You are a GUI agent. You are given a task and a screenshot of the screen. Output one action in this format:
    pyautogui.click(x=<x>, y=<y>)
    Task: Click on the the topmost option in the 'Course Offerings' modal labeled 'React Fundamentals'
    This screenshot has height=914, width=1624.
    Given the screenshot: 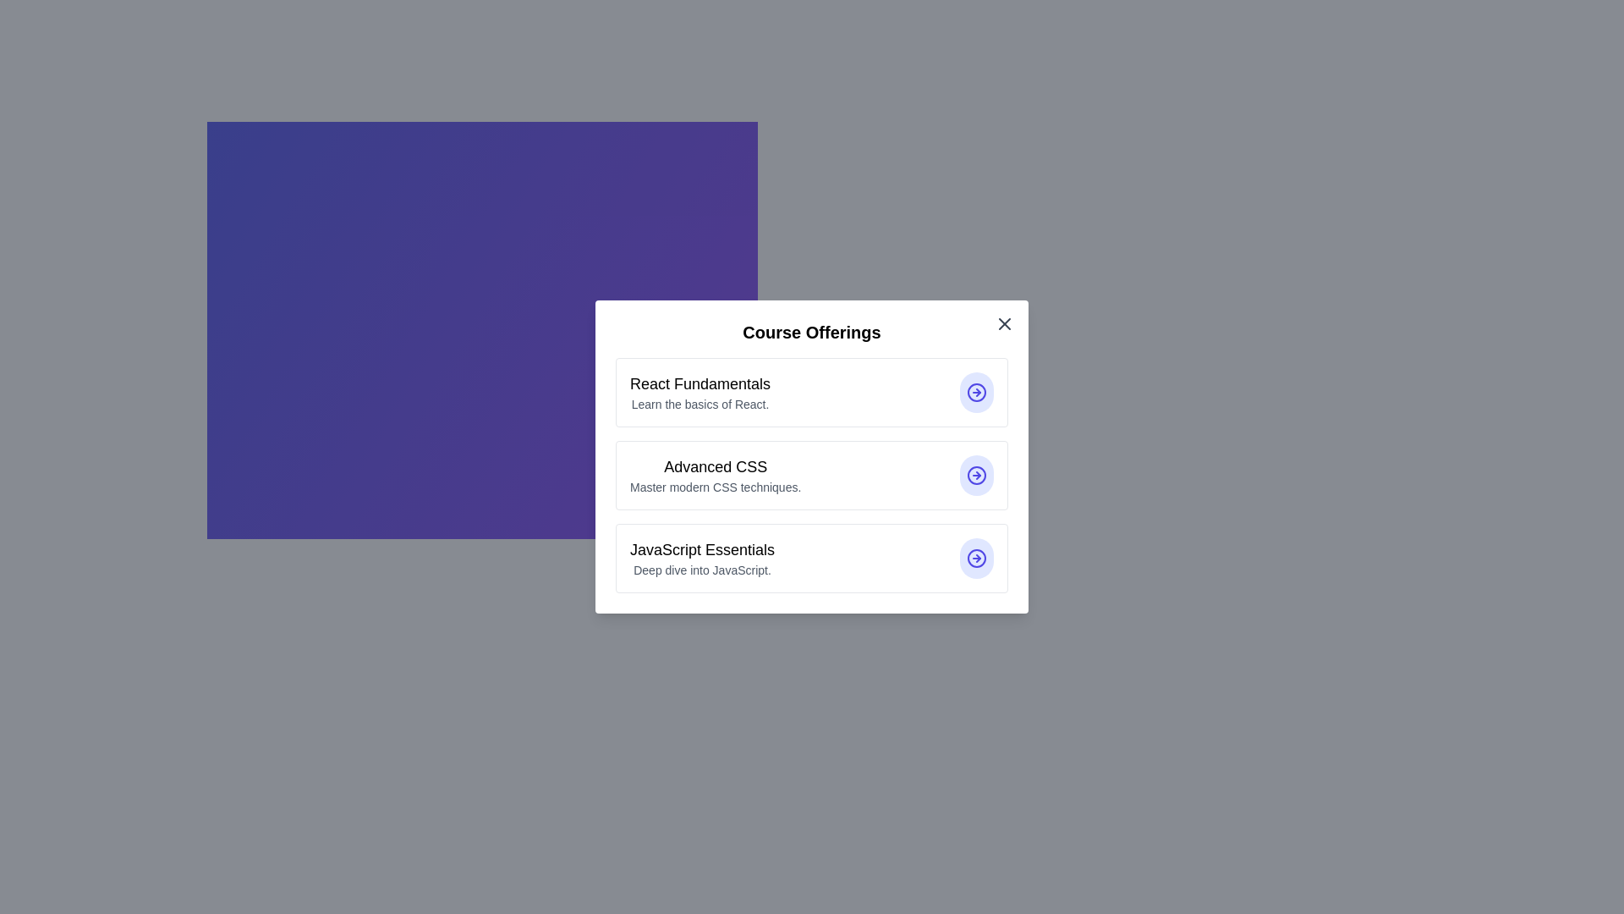 What is the action you would take?
    pyautogui.click(x=812, y=392)
    